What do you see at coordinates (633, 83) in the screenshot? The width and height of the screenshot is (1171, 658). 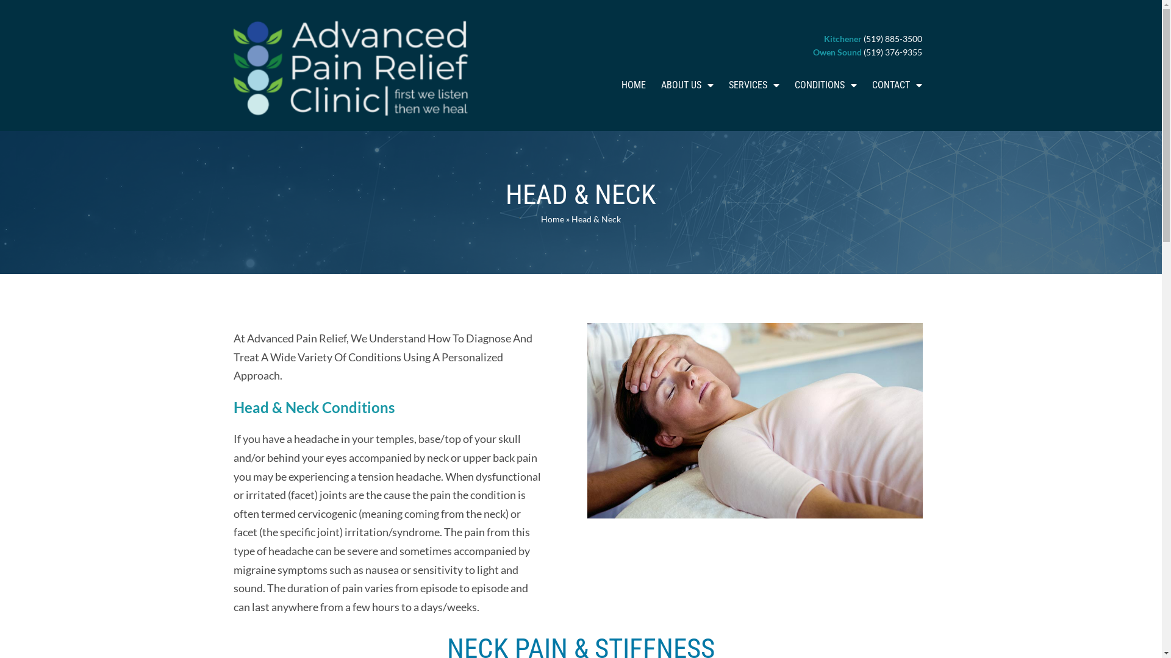 I see `'HOME'` at bounding box center [633, 83].